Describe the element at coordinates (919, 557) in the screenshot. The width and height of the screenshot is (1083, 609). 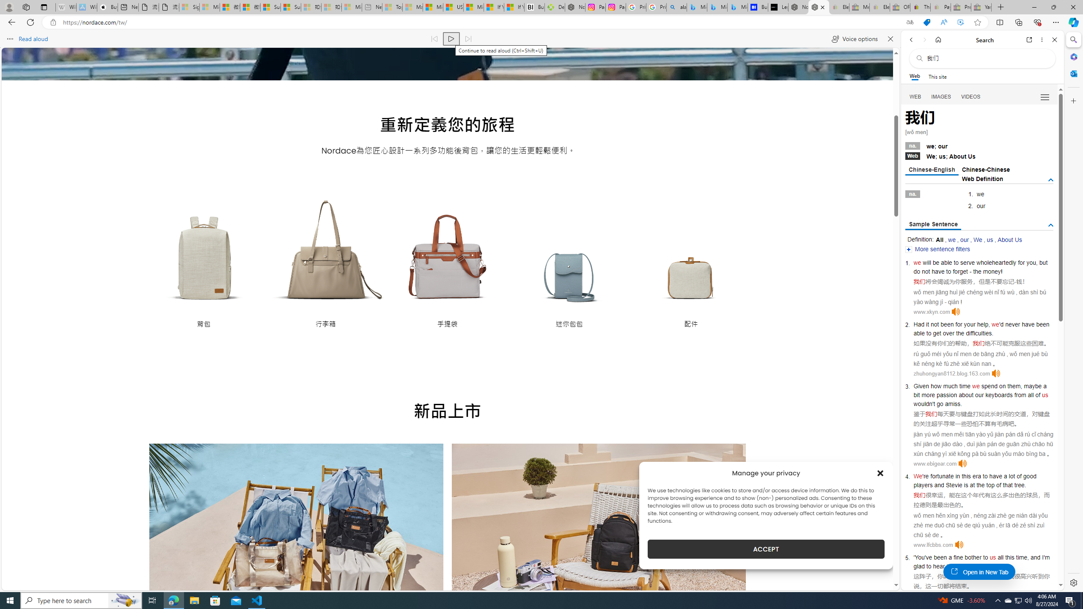
I see `'You'` at that location.